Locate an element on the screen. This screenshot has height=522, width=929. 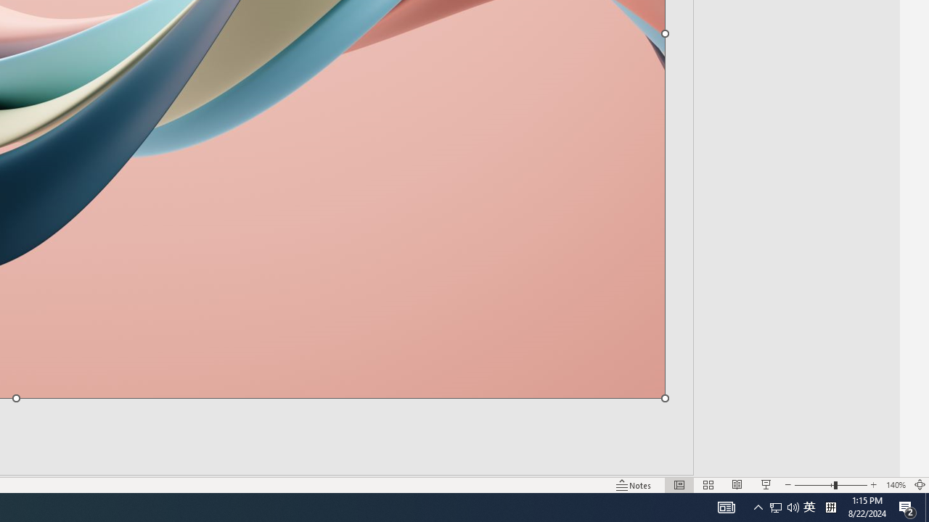
'Zoom Out' is located at coordinates (814, 485).